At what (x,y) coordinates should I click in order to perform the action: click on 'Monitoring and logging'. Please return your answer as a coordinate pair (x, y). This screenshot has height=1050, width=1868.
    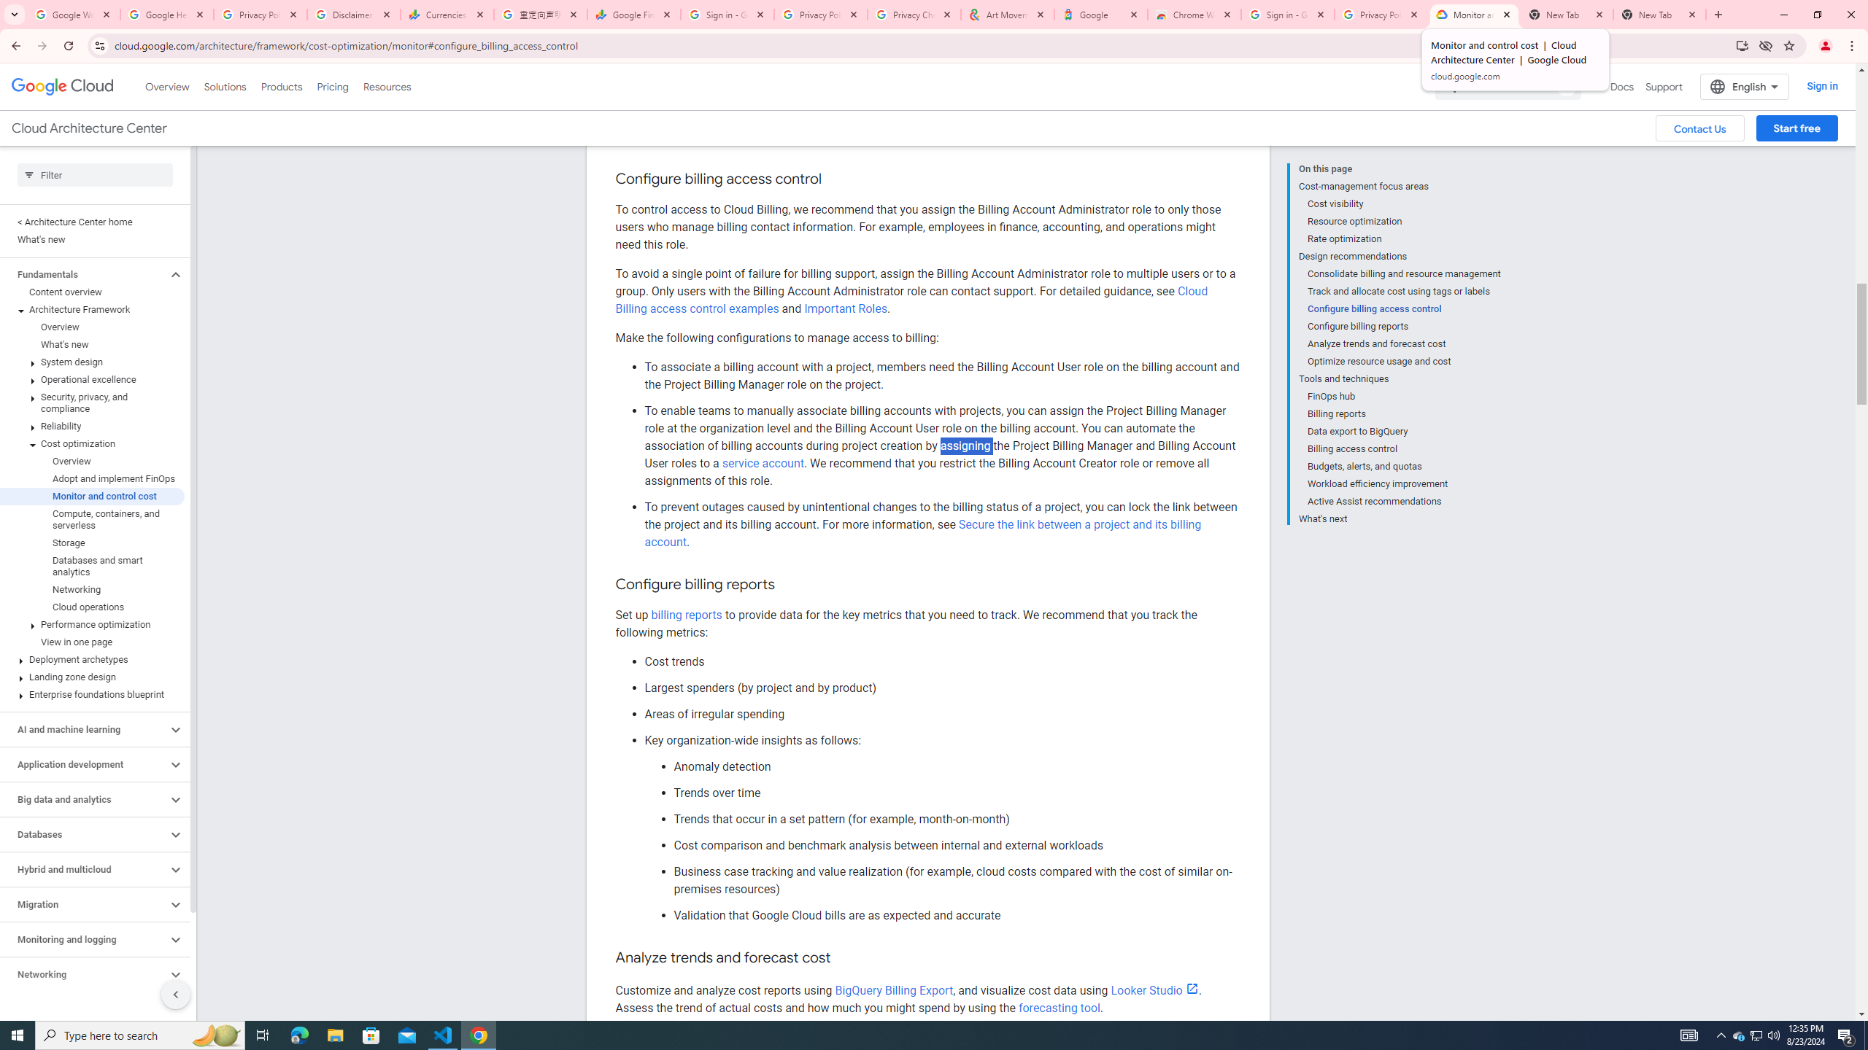
    Looking at the image, I should click on (82, 938).